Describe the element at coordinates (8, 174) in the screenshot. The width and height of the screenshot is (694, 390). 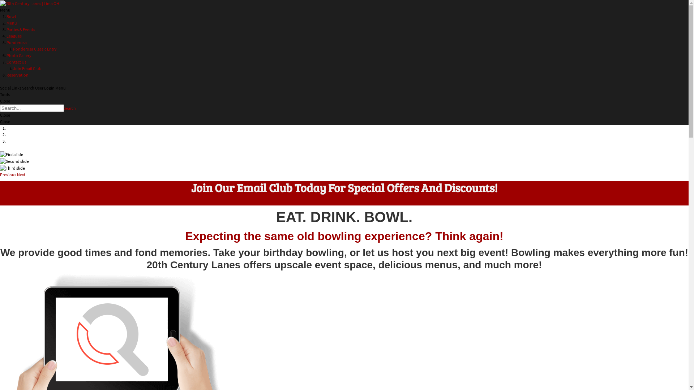
I see `'Previous'` at that location.